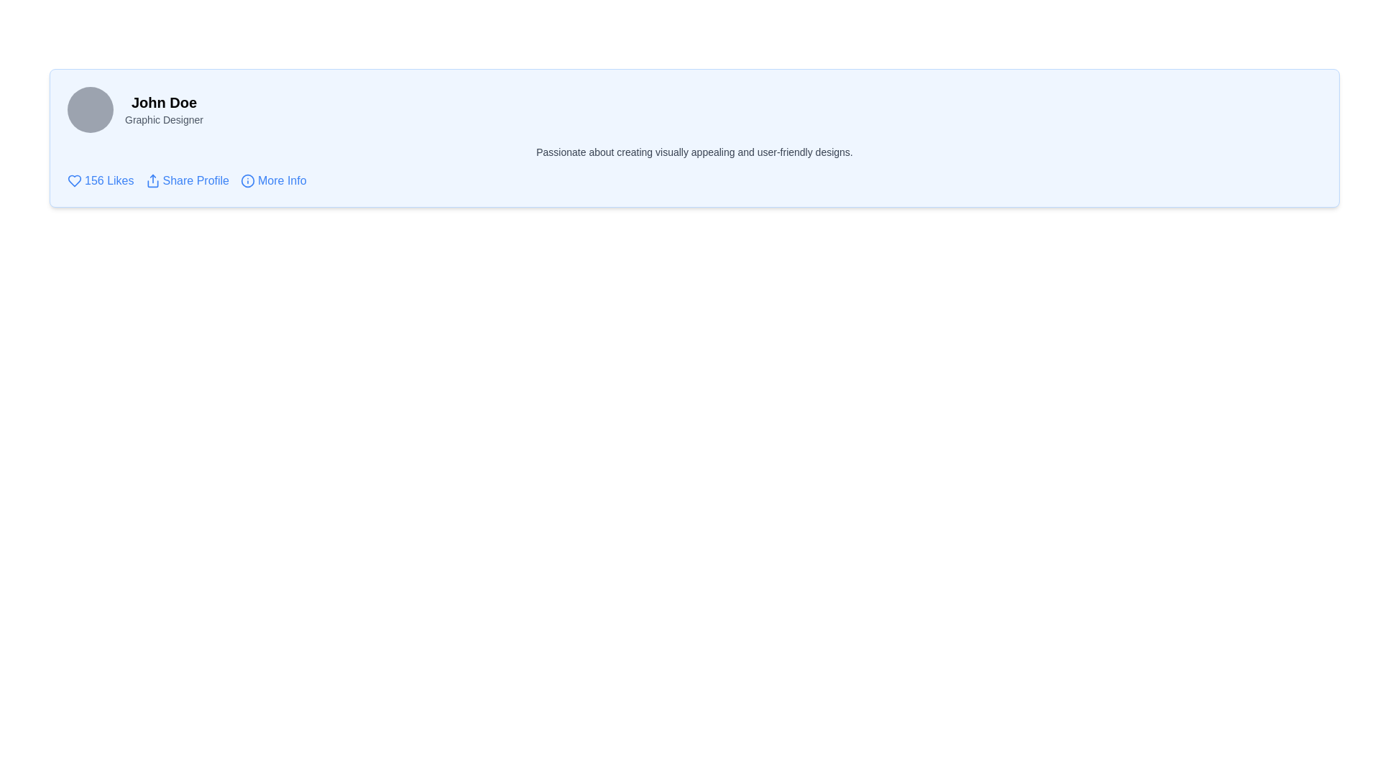  I want to click on the informational icon located to the left of the 'More Info' text, so click(248, 179).